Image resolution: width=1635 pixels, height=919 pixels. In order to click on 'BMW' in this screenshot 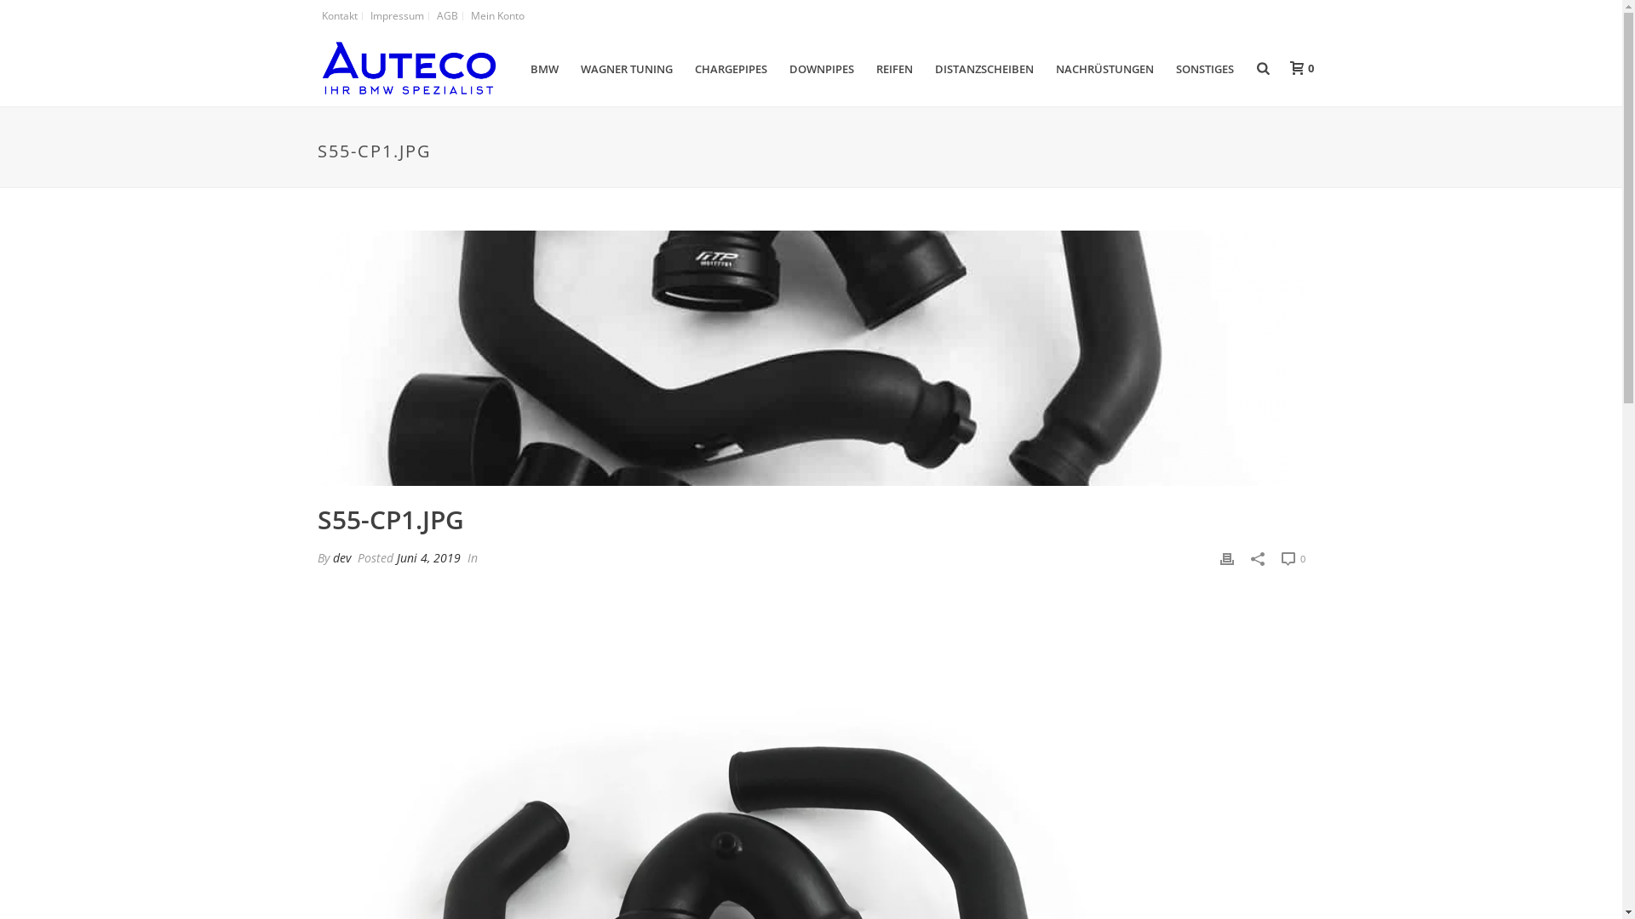, I will do `click(543, 68)`.